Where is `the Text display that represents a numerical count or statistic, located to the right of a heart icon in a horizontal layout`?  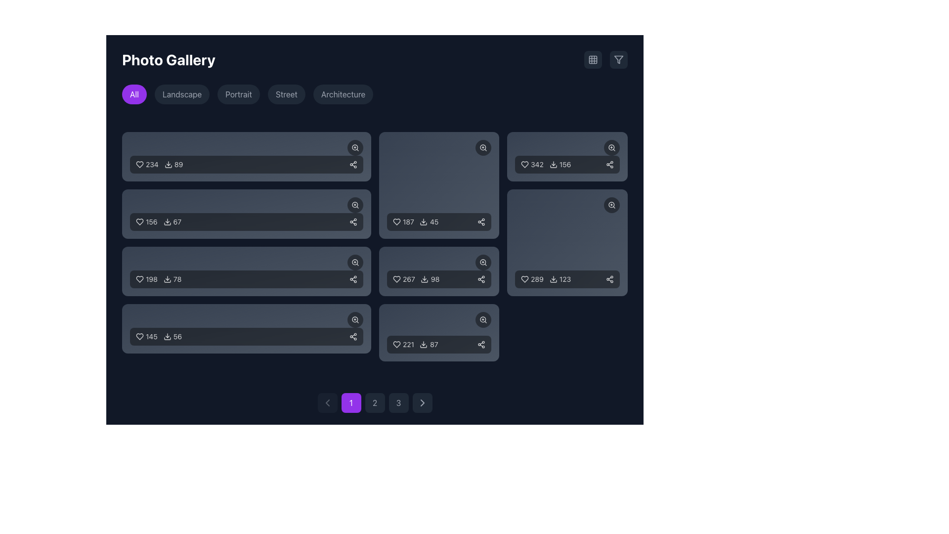
the Text display that represents a numerical count or statistic, located to the right of a heart icon in a horizontal layout is located at coordinates (408, 221).